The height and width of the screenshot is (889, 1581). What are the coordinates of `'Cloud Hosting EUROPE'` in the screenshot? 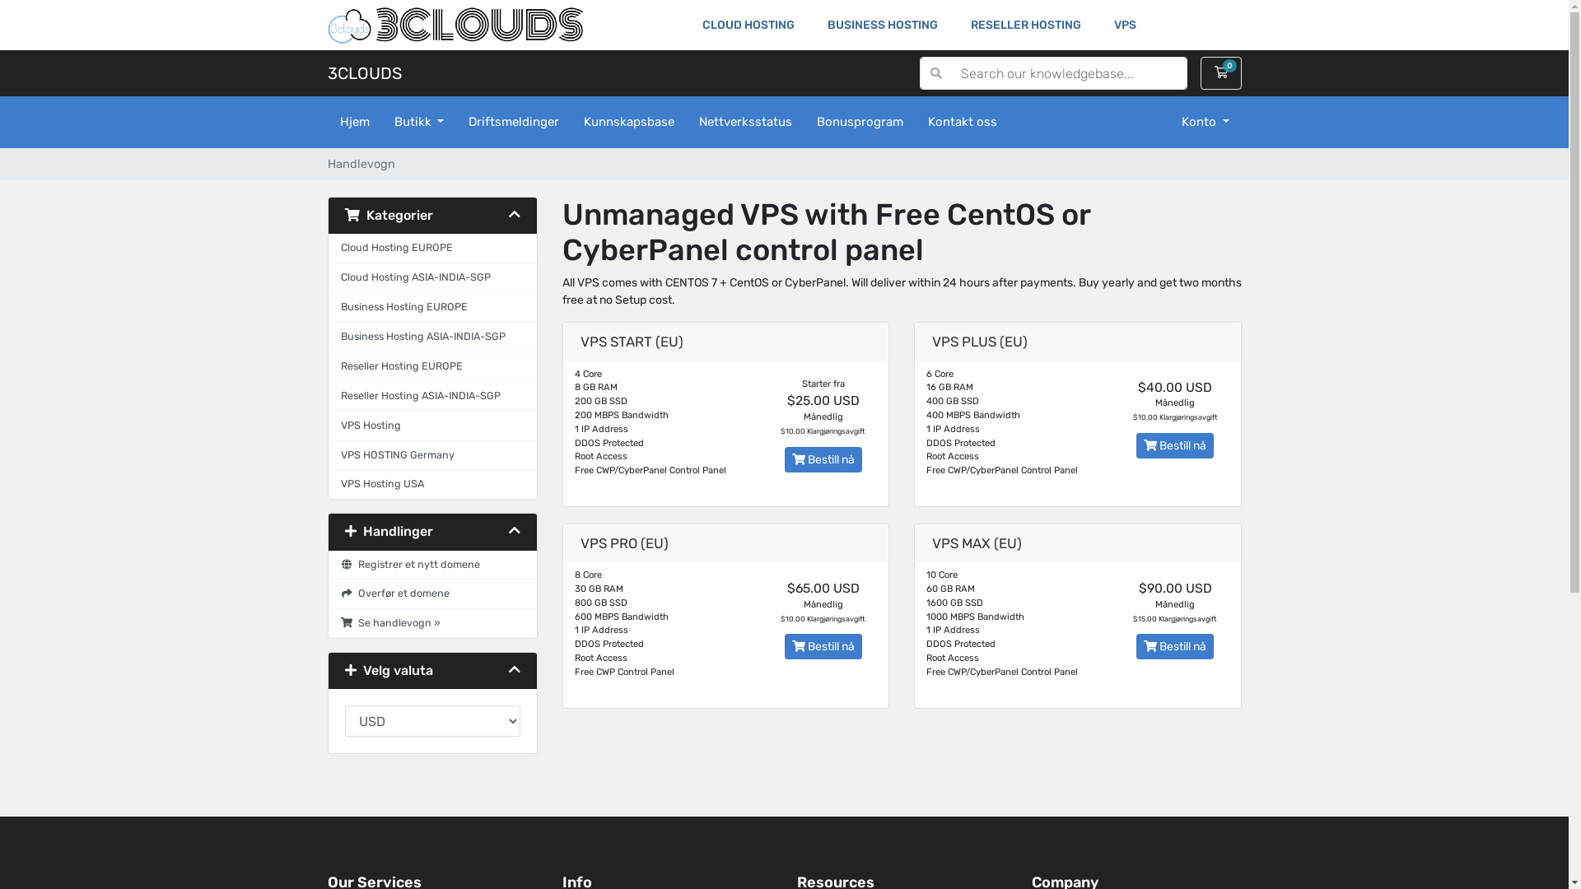 It's located at (328, 248).